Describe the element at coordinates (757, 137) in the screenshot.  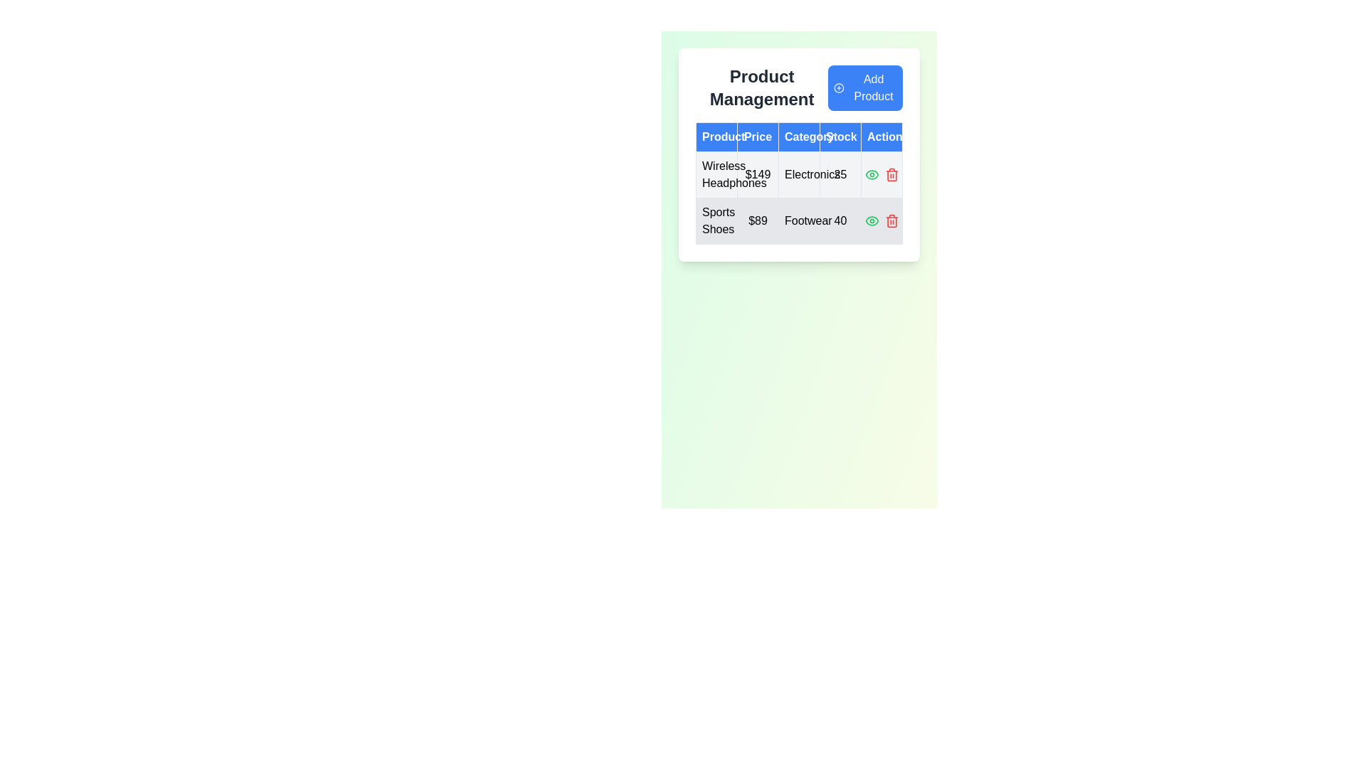
I see `text from the Table Header Cell labeled 'Price', which is the second header in a row of headers with a blue background and white centered text` at that location.